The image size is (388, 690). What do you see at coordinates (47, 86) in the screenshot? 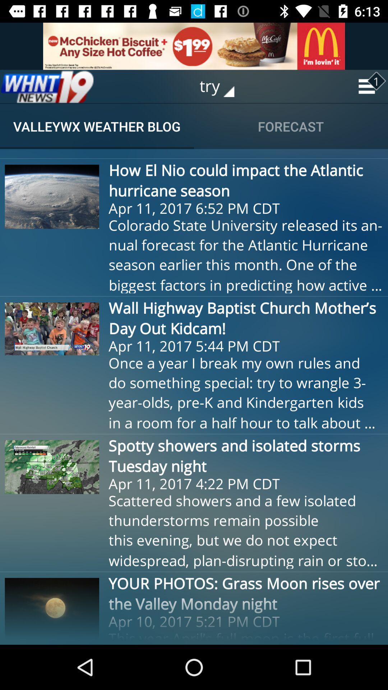
I see `goes back to home/first page` at bounding box center [47, 86].